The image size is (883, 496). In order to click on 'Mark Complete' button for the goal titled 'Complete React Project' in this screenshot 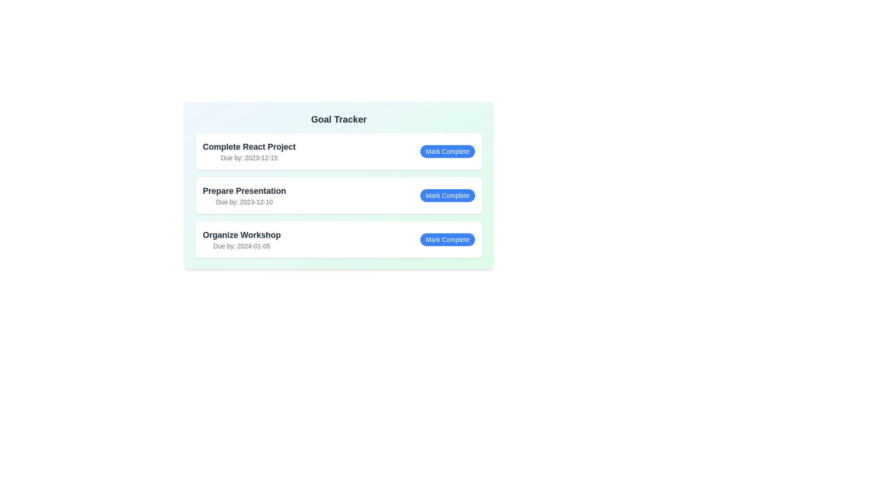, I will do `click(447, 151)`.